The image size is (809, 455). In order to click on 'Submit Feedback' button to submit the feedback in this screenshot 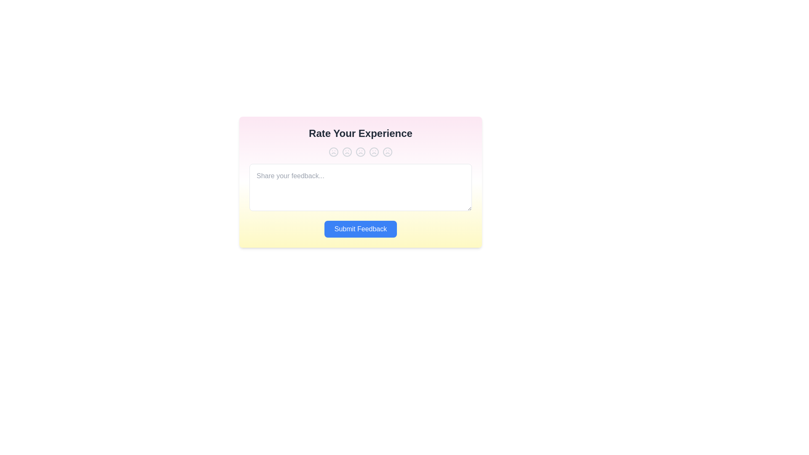, I will do `click(360, 229)`.